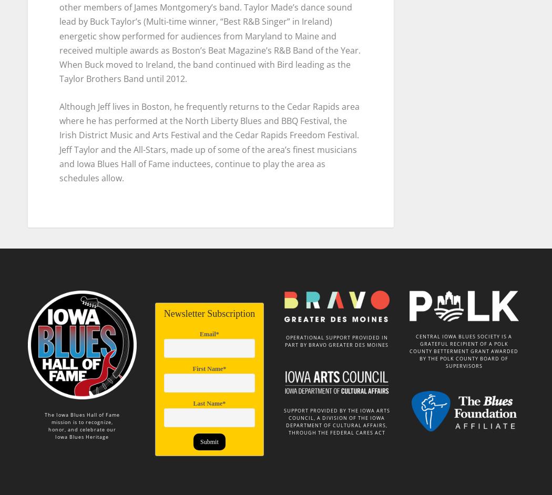 The image size is (552, 495). I want to click on 'OPERATIONAL SUPPORT PROVIDED IN PART BY BRAVO GREATER DES MOINES', so click(336, 335).